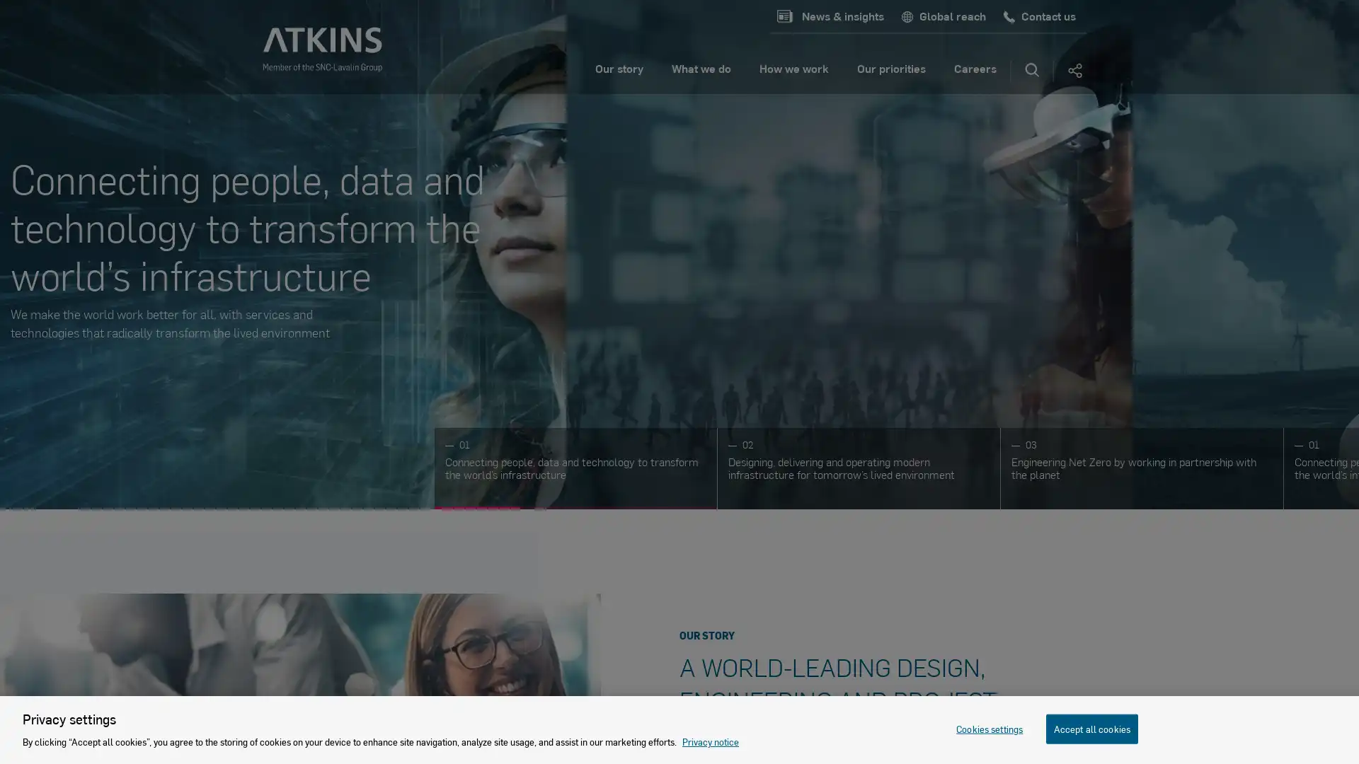 Image resolution: width=1359 pixels, height=764 pixels. I want to click on Search, so click(1032, 71).